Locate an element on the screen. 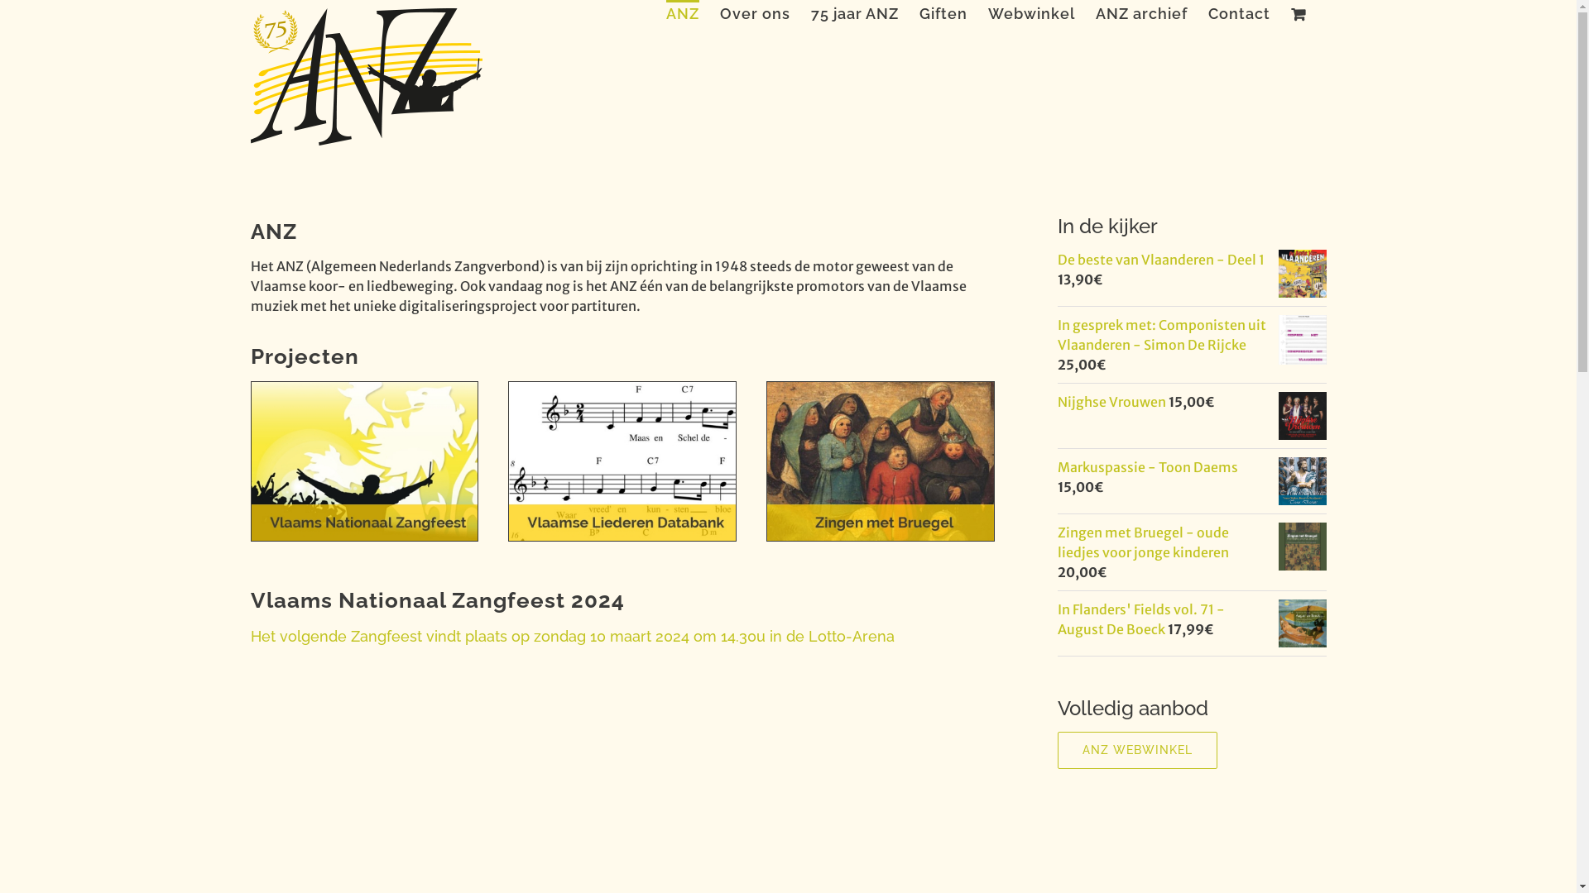  'ANZ archief' is located at coordinates (1140, 12).